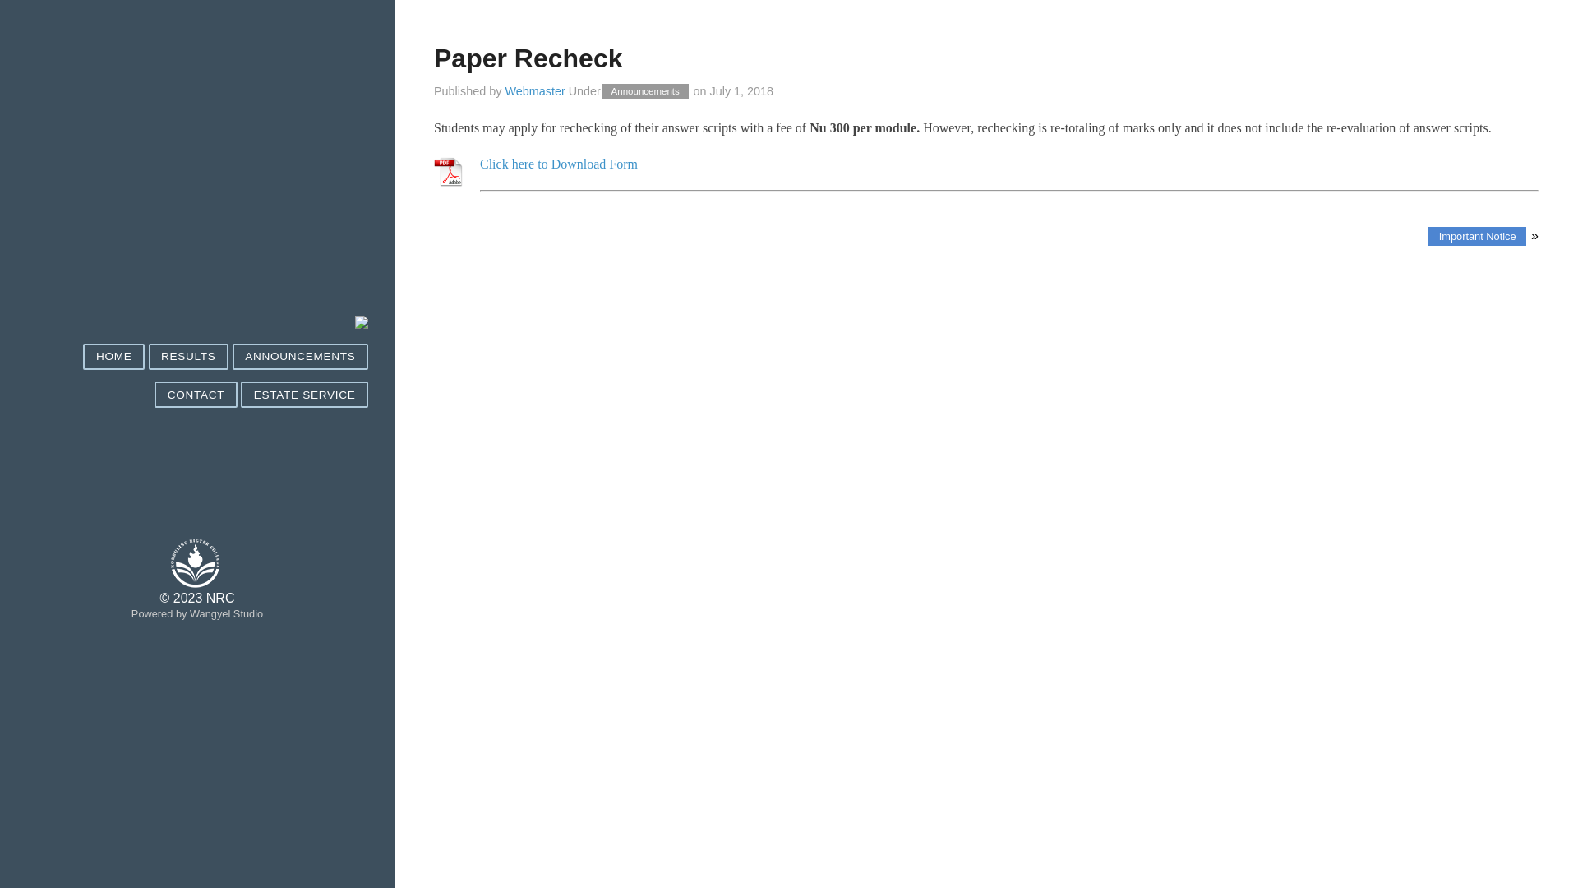 The width and height of the screenshot is (1578, 888). Describe the element at coordinates (559, 164) in the screenshot. I see `'Click here to Download Form'` at that location.